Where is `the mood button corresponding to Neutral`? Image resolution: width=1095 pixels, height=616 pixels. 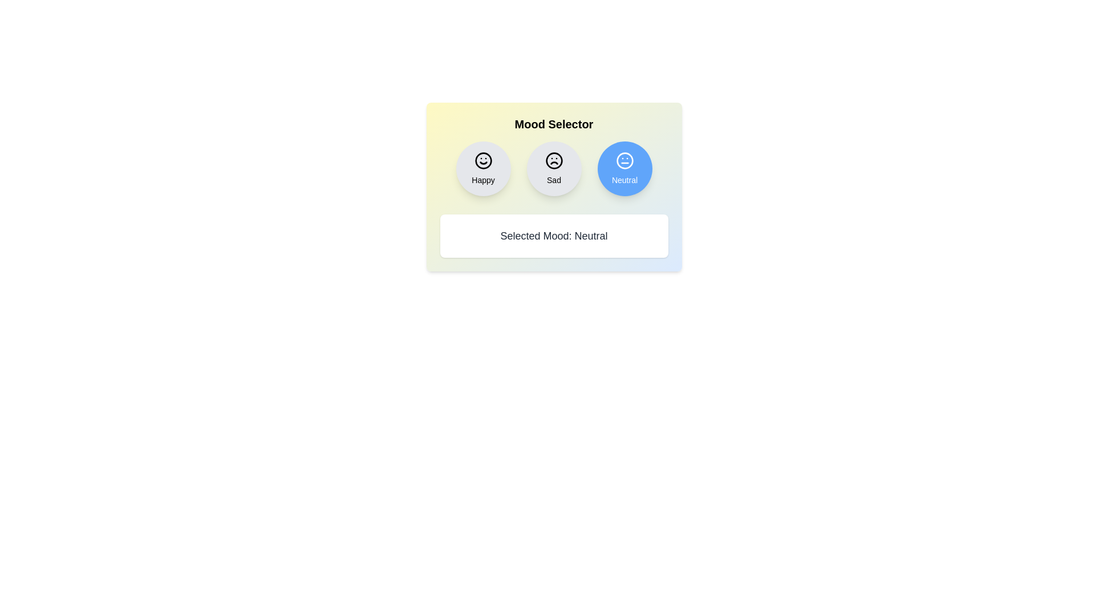
the mood button corresponding to Neutral is located at coordinates (624, 169).